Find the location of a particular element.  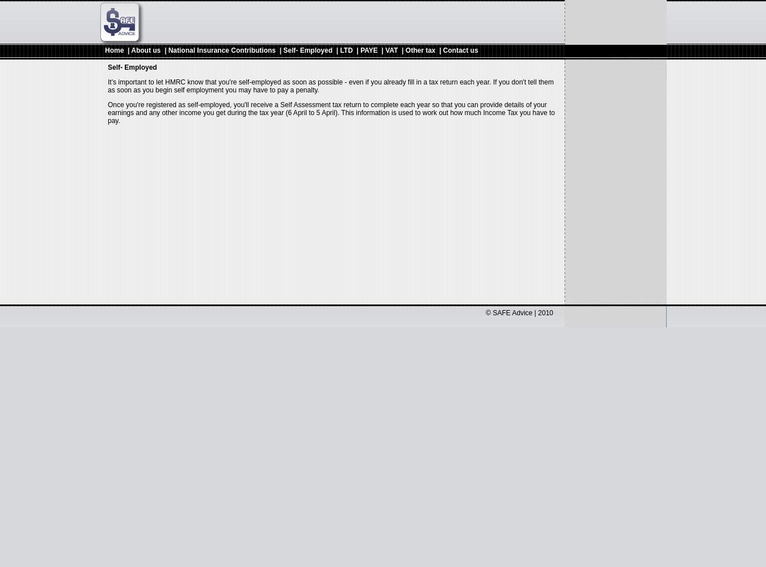

'About us' is located at coordinates (145, 50).